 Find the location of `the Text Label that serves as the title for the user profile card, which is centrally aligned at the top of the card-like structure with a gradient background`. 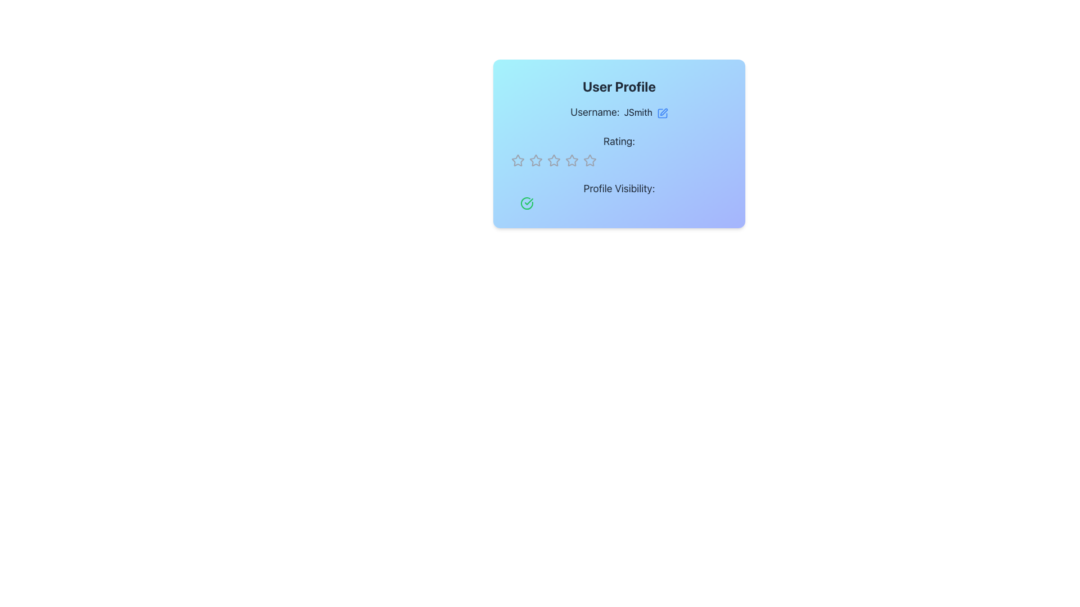

the Text Label that serves as the title for the user profile card, which is centrally aligned at the top of the card-like structure with a gradient background is located at coordinates (618, 86).